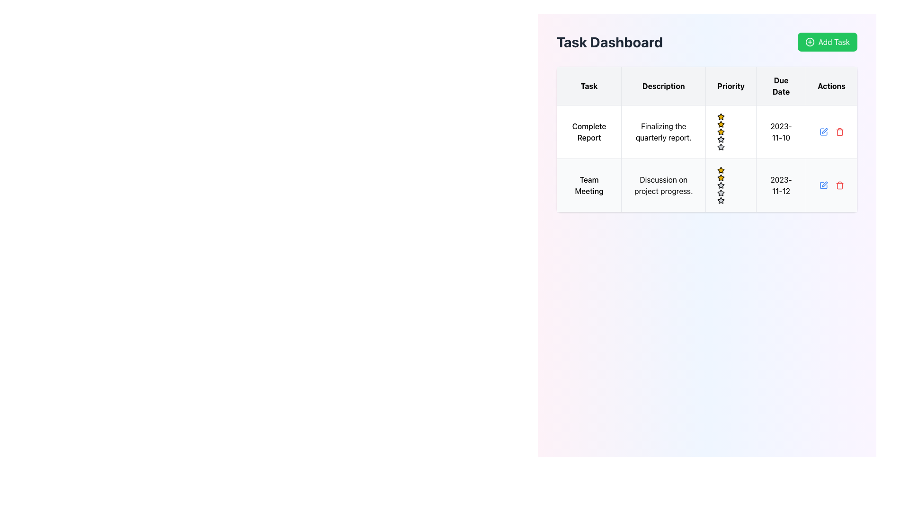 This screenshot has height=511, width=909. Describe the element at coordinates (721, 177) in the screenshot. I see `the visual state of the yellow star icon used for ratings in the 'Priority' column of the 'Team Meeting' entry in the Task Dashboard card` at that location.